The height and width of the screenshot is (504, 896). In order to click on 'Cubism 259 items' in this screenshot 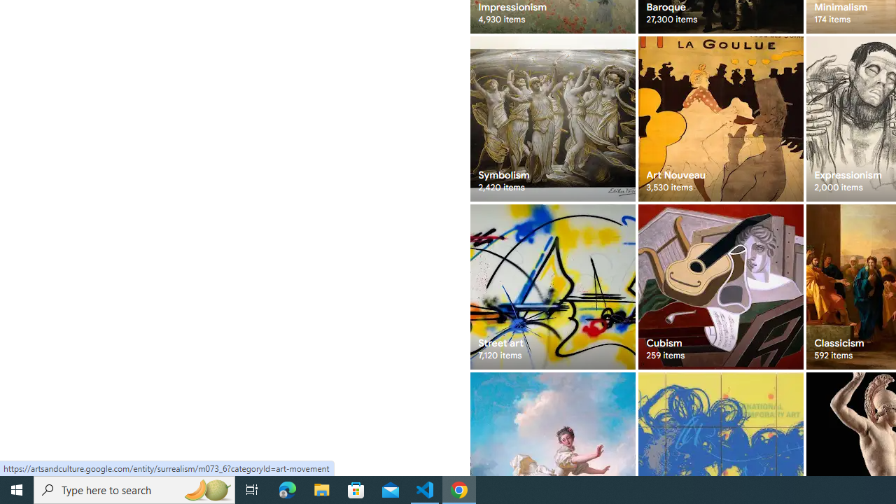, I will do `click(720, 286)`.